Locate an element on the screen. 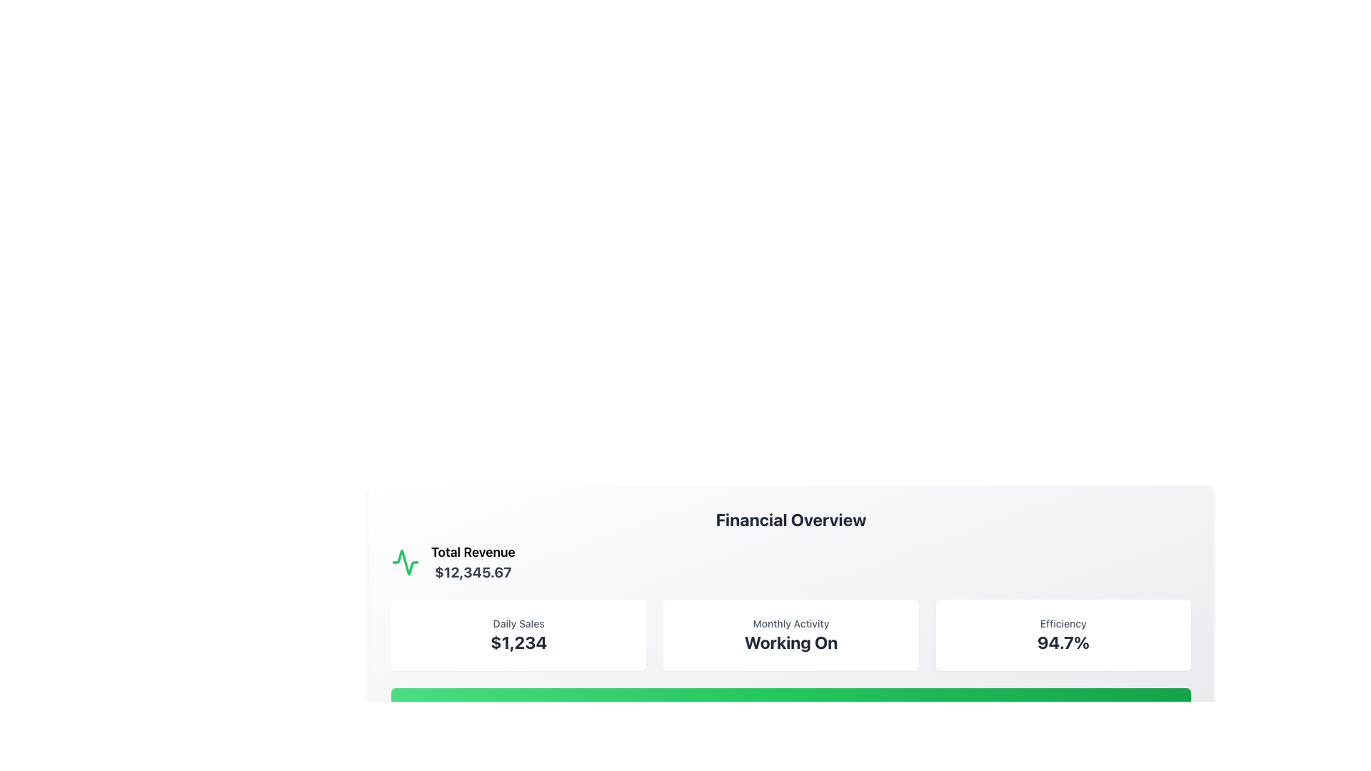 This screenshot has width=1371, height=771. the activity or performance statistics icon located in the upper-left corner of the Financial Overview card, directly above the 'Total Revenue' text is located at coordinates (404, 561).